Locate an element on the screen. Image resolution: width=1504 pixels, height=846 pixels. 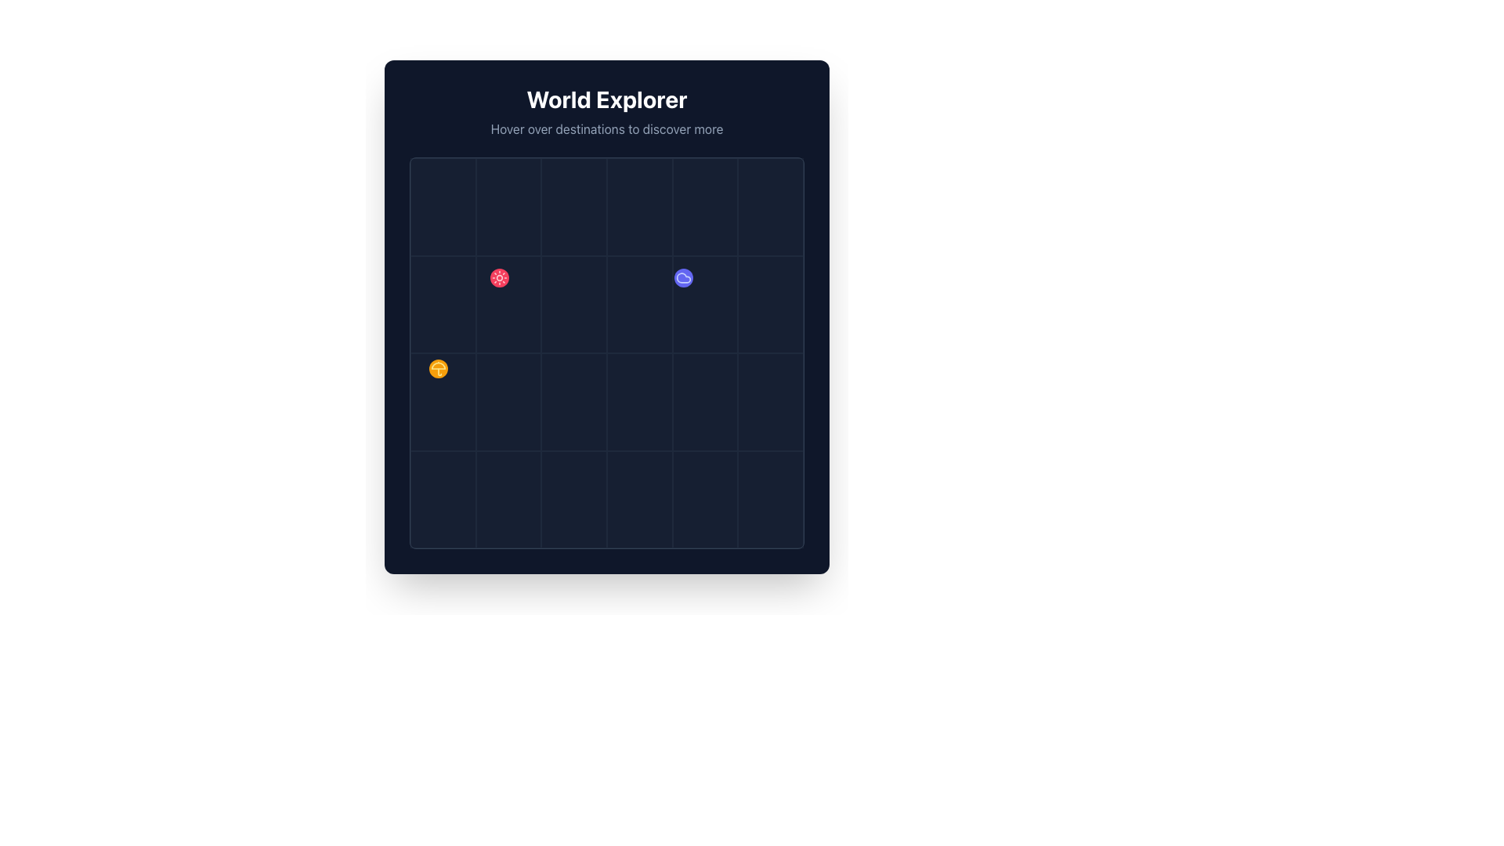
the grid cell located in the first row and second column of a 4x6 grid layout, which serves as a placeholder for dynamic content is located at coordinates (508, 206).